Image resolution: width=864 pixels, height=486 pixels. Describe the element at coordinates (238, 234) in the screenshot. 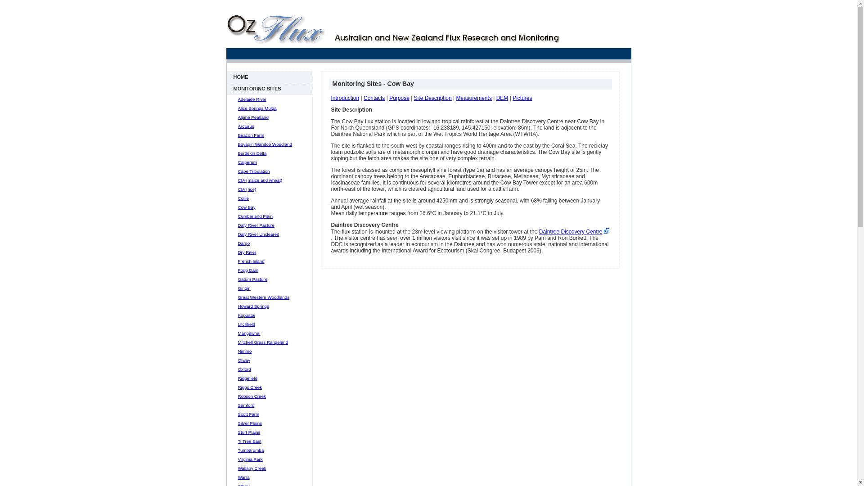

I see `'Daly River Uncleared'` at that location.